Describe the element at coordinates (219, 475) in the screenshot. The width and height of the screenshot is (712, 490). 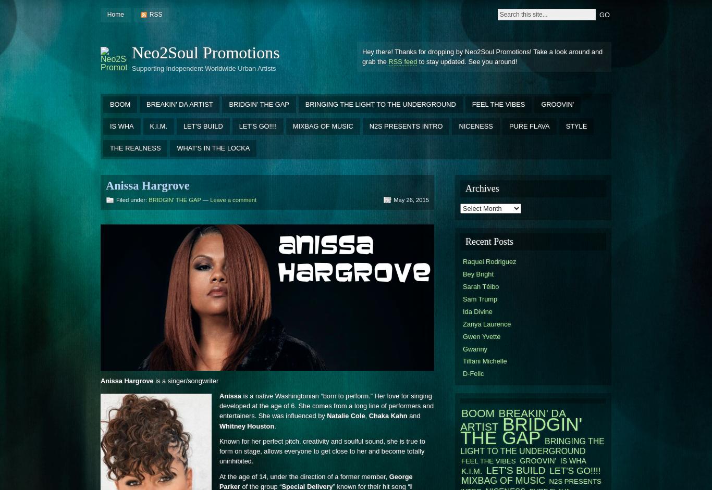
I see `'At the age of 14, under the direction of a former member,'` at that location.